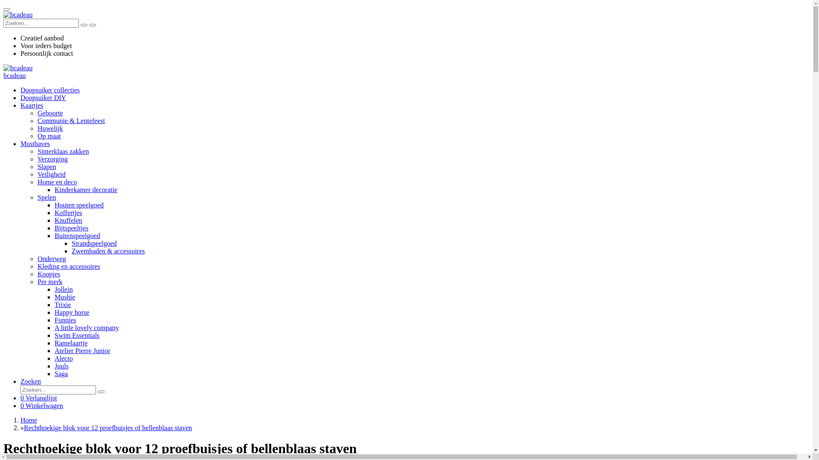 Image resolution: width=819 pixels, height=460 pixels. Describe the element at coordinates (29, 420) in the screenshot. I see `'Home'` at that location.